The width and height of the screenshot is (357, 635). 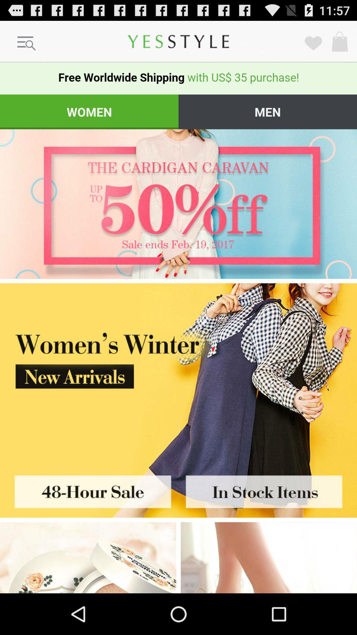 I want to click on advertisement page, so click(x=178, y=203).